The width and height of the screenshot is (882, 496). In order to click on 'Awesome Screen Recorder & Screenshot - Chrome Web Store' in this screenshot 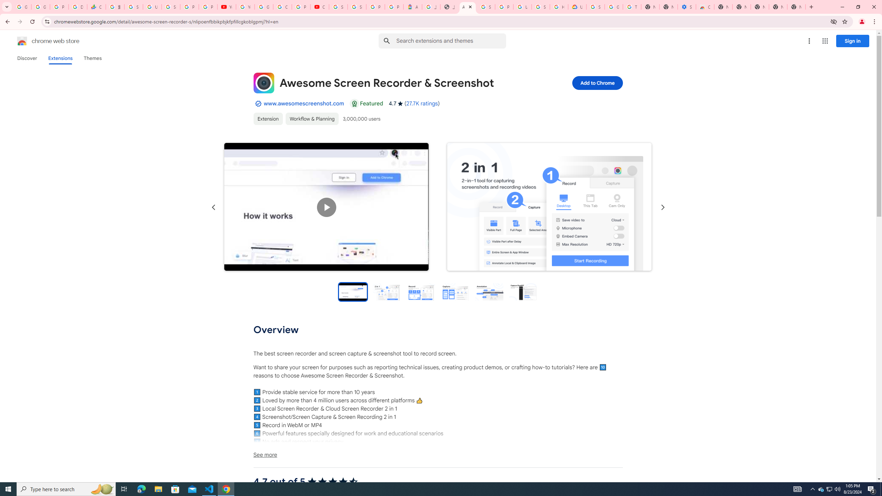, I will do `click(467, 7)`.